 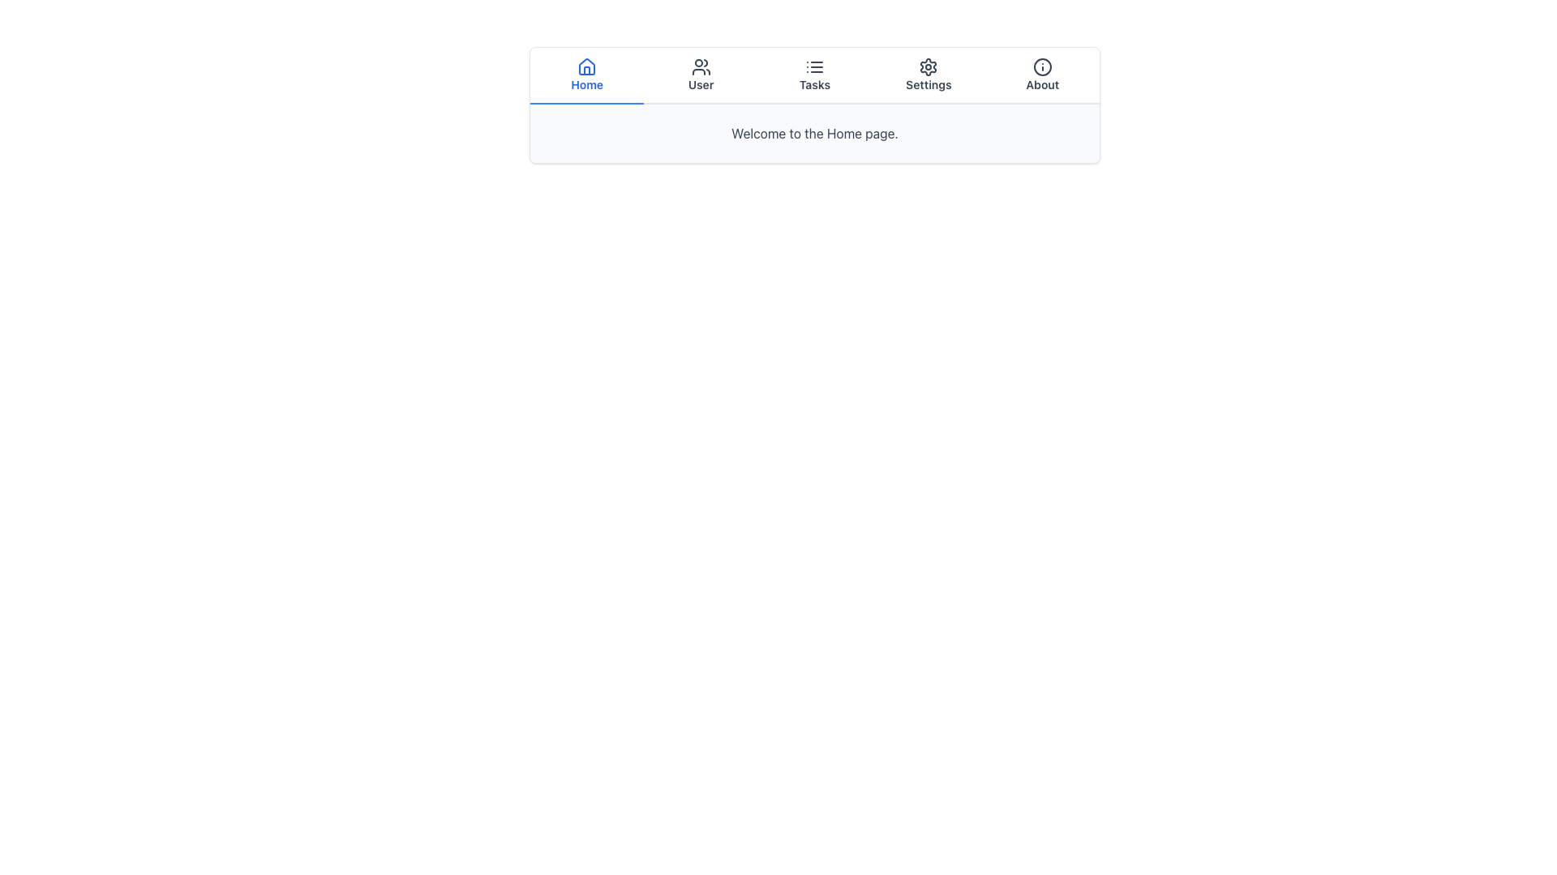 I want to click on the house icon located at the top-left of the navigation panel, which is styled with a blue and white outline and positioned above the text 'Home', so click(x=586, y=66).